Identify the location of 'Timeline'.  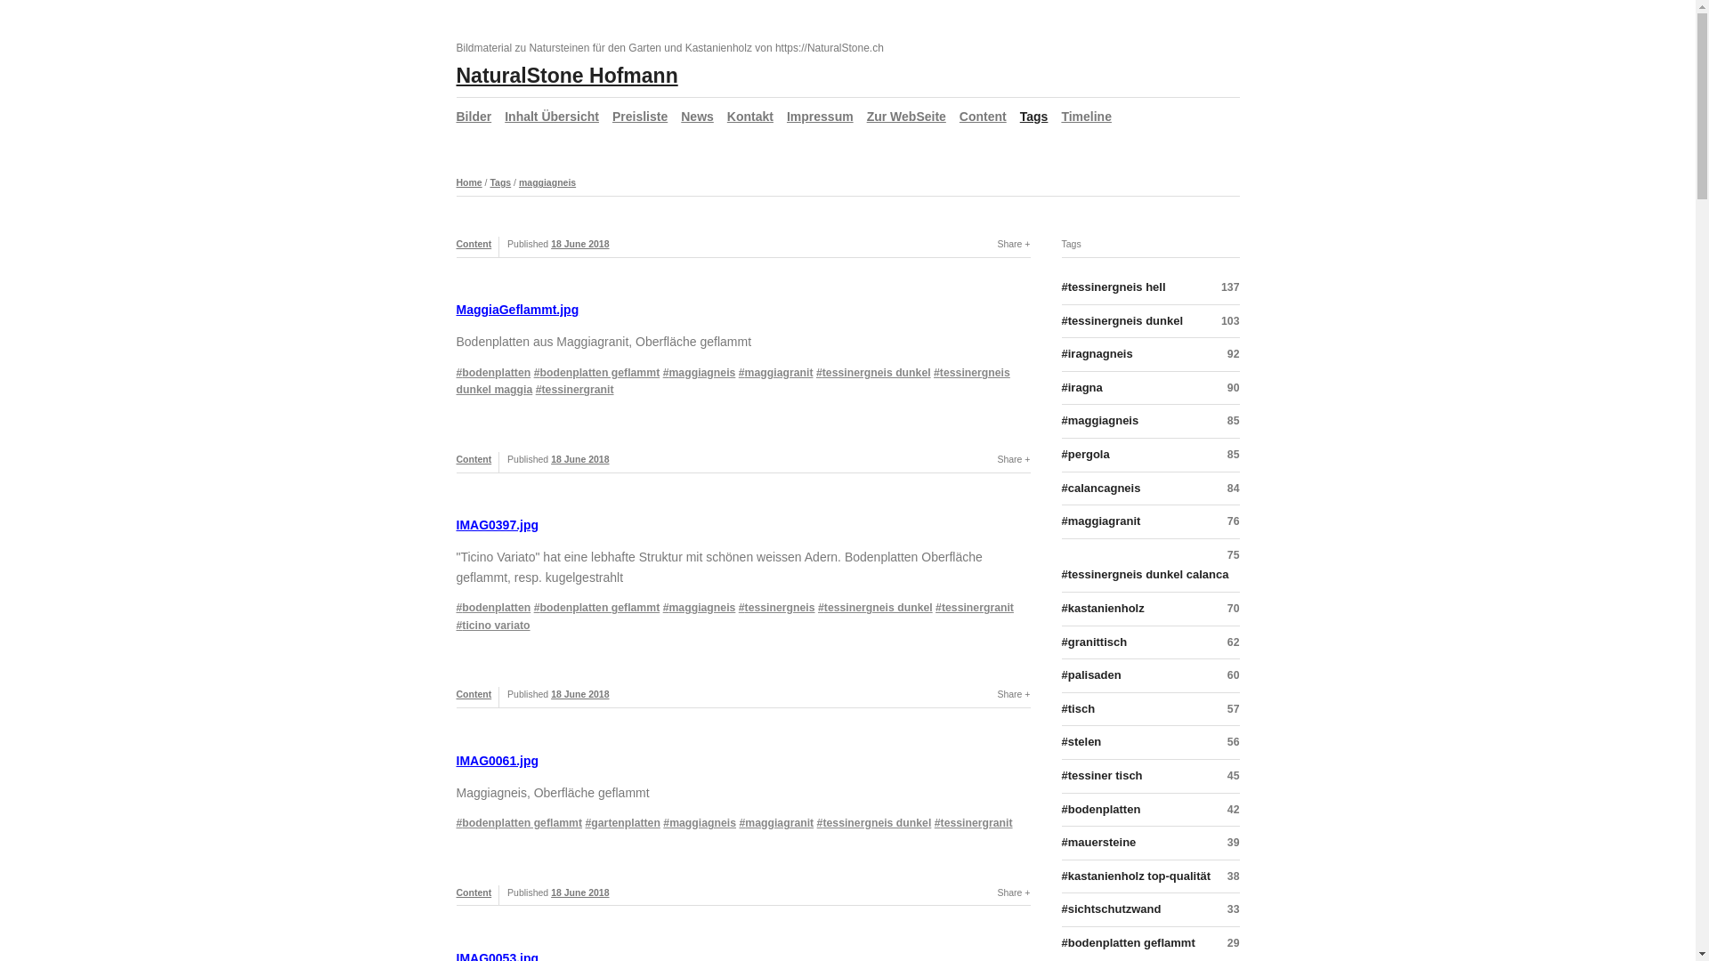
(1085, 117).